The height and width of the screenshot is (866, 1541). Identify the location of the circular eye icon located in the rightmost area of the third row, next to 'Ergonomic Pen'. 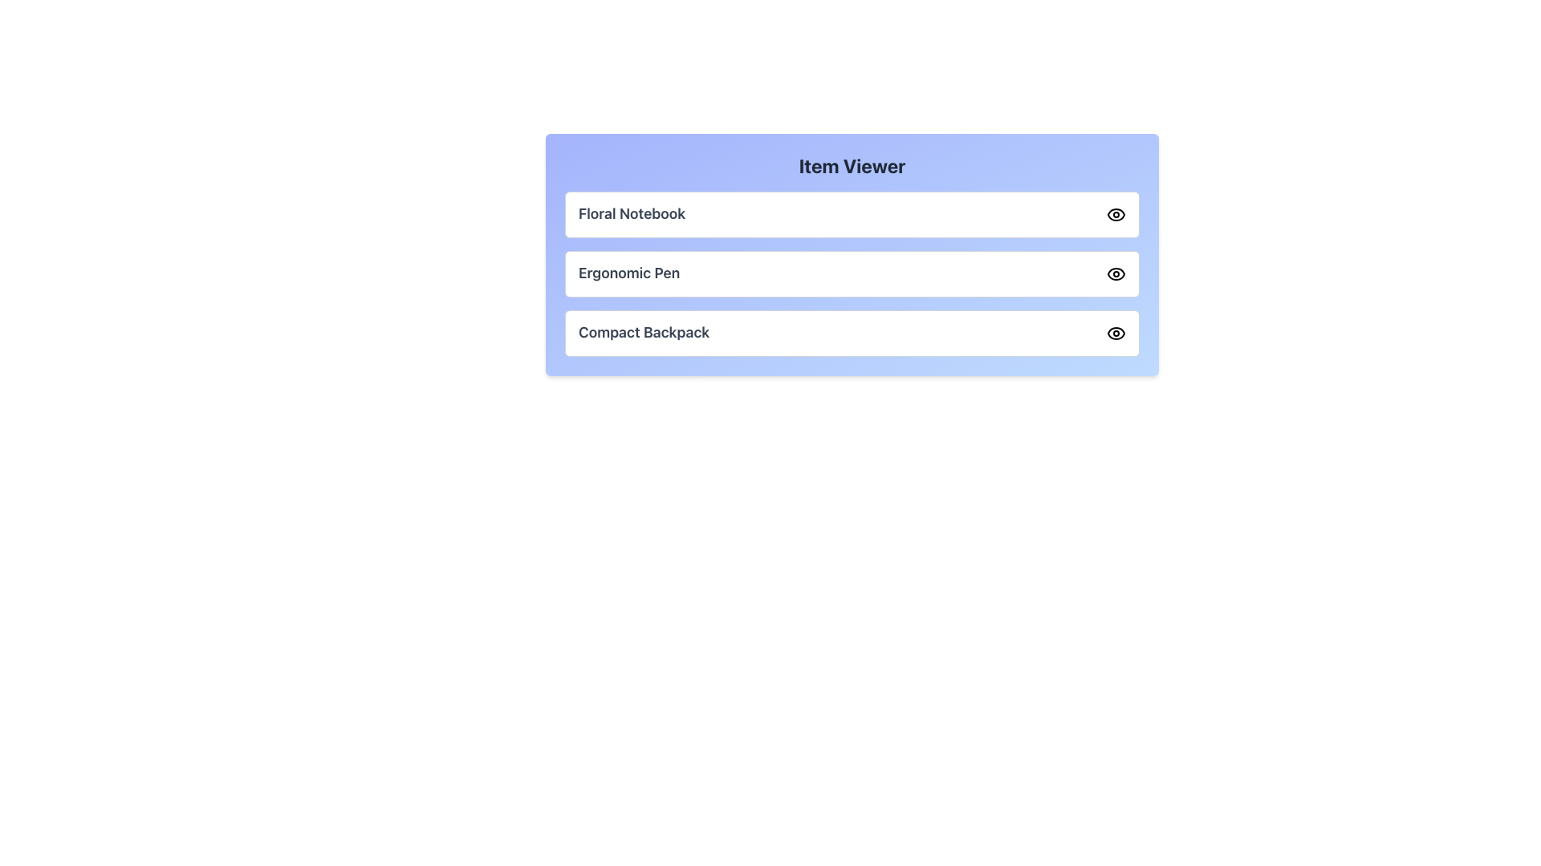
(1116, 273).